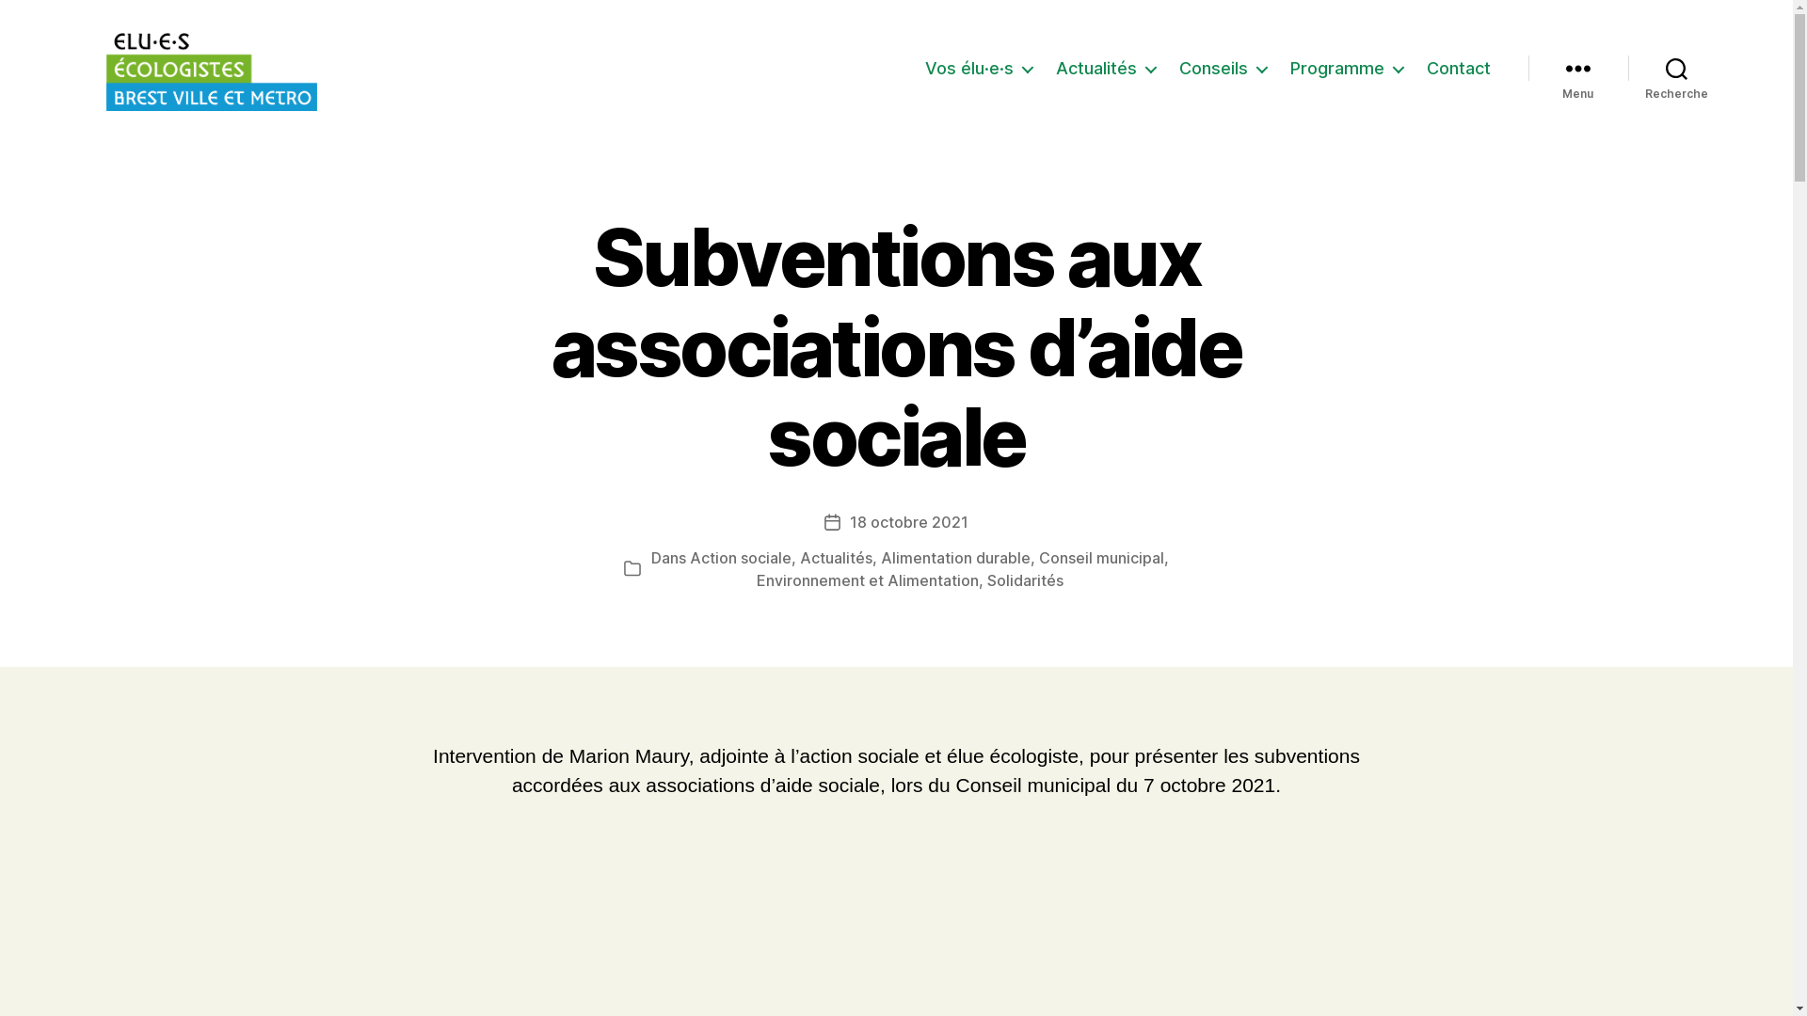 The image size is (1807, 1016). Describe the element at coordinates (1345, 68) in the screenshot. I see `'Programme'` at that location.